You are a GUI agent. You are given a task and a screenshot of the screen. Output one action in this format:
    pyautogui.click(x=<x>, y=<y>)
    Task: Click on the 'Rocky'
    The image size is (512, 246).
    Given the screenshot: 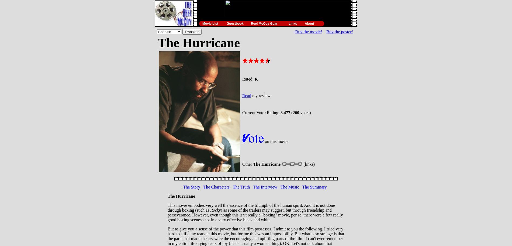 What is the action you would take?
    pyautogui.click(x=215, y=210)
    